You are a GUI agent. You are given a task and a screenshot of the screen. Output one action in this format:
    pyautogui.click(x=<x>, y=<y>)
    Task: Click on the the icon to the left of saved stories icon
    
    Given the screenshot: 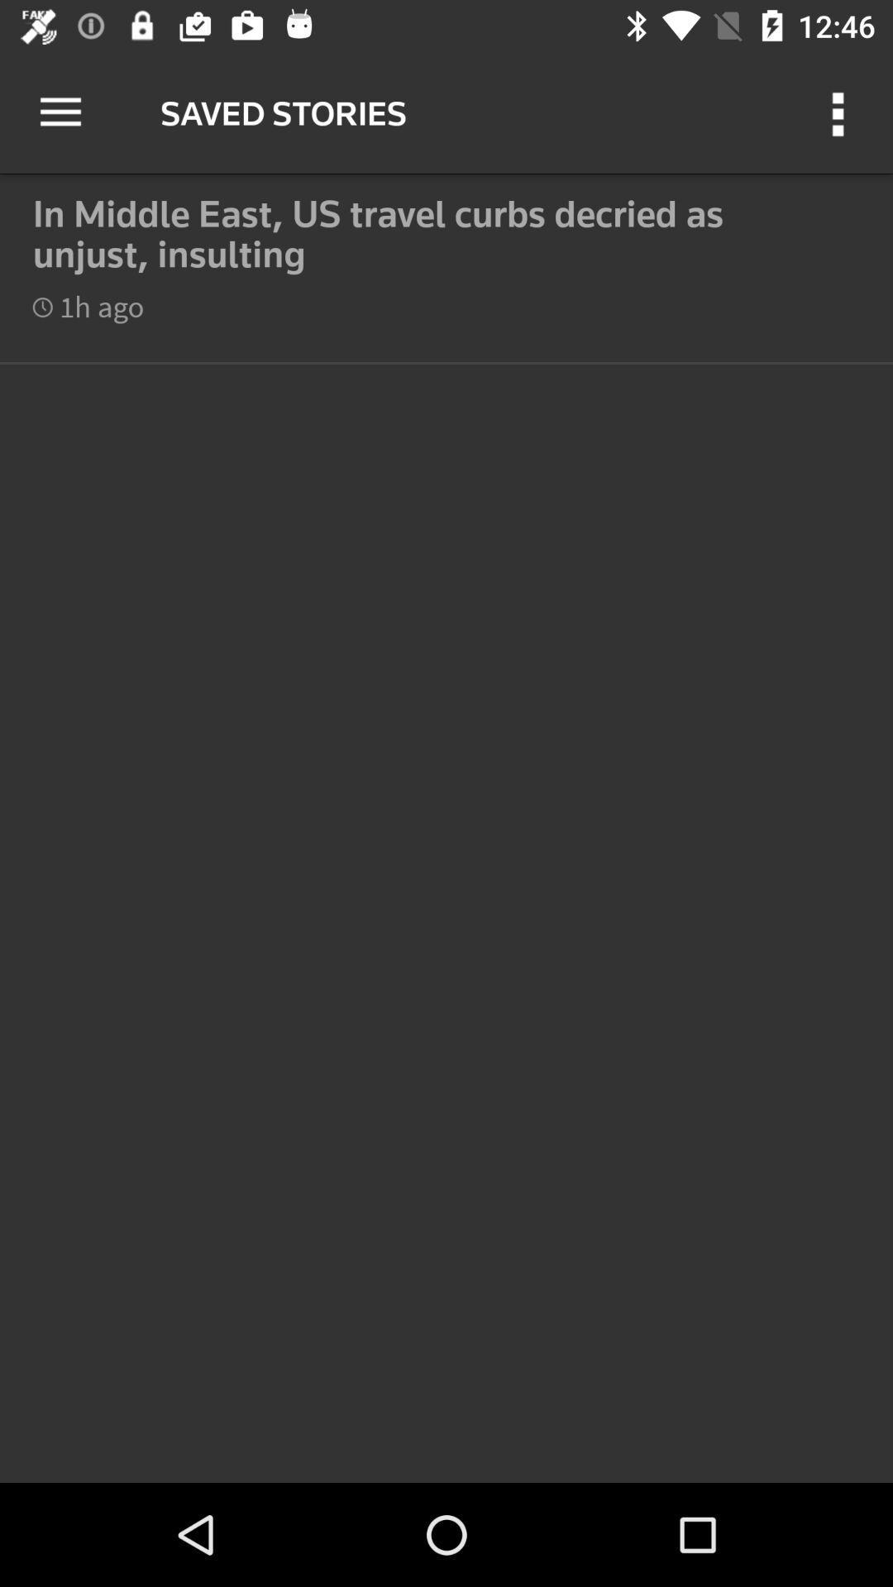 What is the action you would take?
    pyautogui.click(x=60, y=112)
    